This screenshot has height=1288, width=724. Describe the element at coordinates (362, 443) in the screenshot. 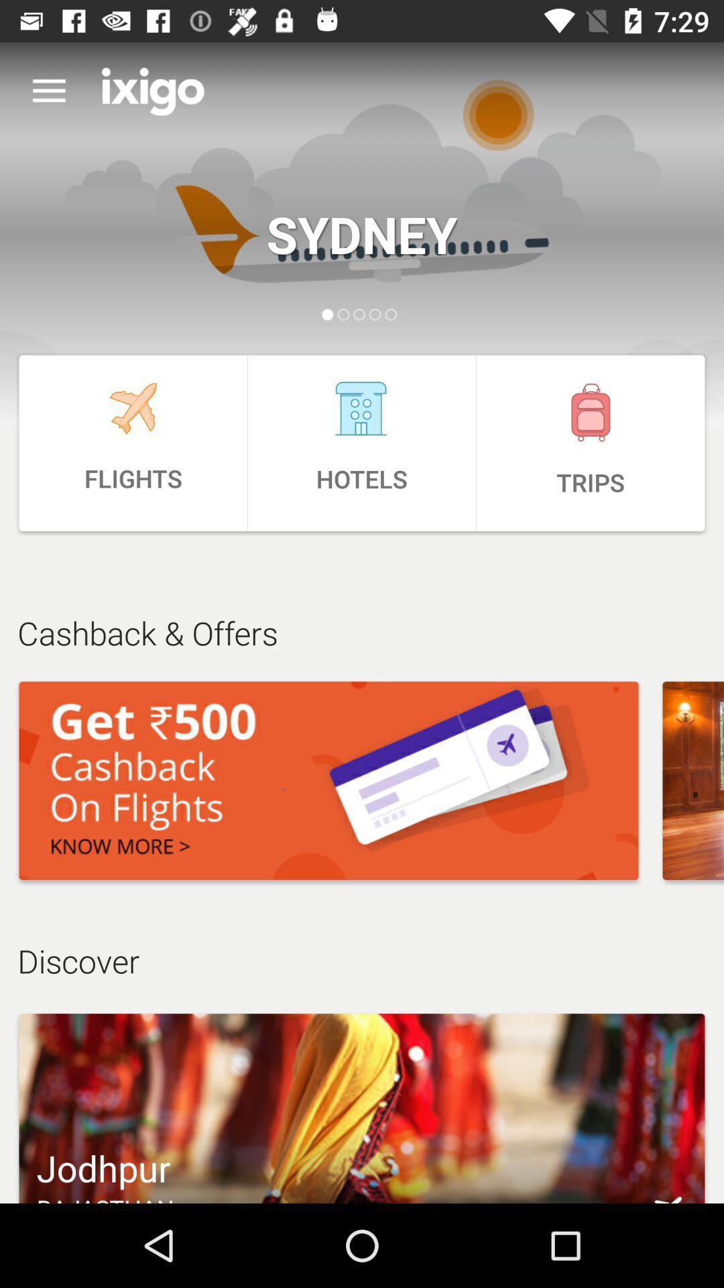

I see `icon next to flights icon` at that location.